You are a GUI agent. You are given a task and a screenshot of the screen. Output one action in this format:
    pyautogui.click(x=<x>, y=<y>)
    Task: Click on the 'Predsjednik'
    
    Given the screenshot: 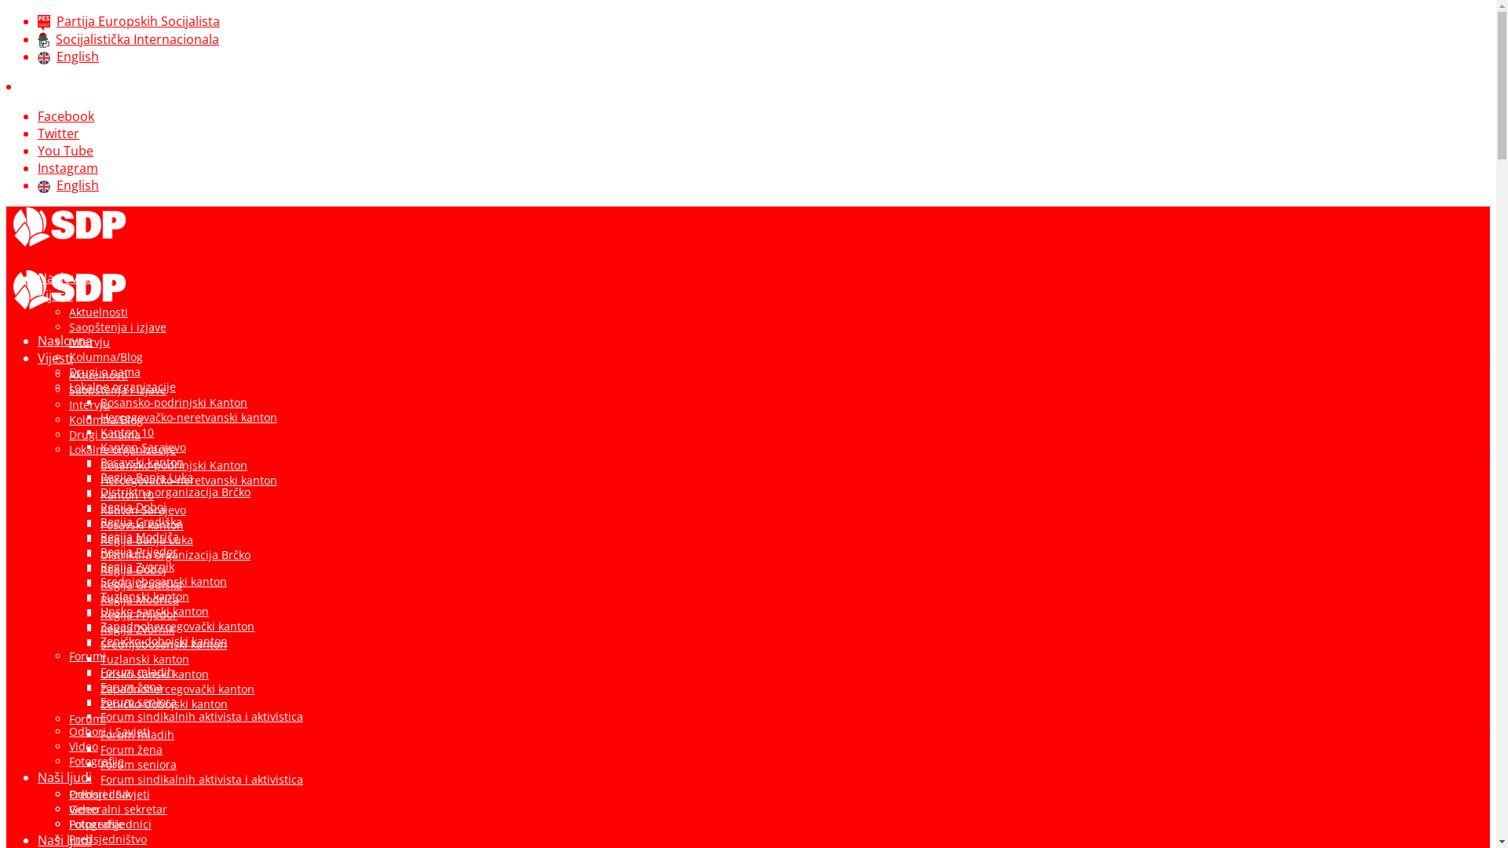 What is the action you would take?
    pyautogui.click(x=99, y=794)
    